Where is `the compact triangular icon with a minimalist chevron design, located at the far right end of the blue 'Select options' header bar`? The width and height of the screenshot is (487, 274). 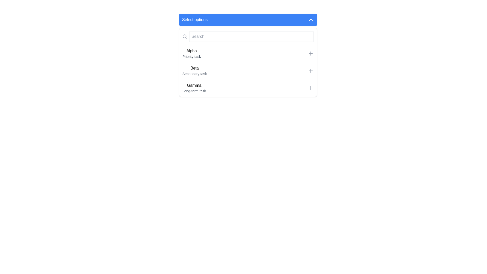 the compact triangular icon with a minimalist chevron design, located at the far right end of the blue 'Select options' header bar is located at coordinates (310, 19).